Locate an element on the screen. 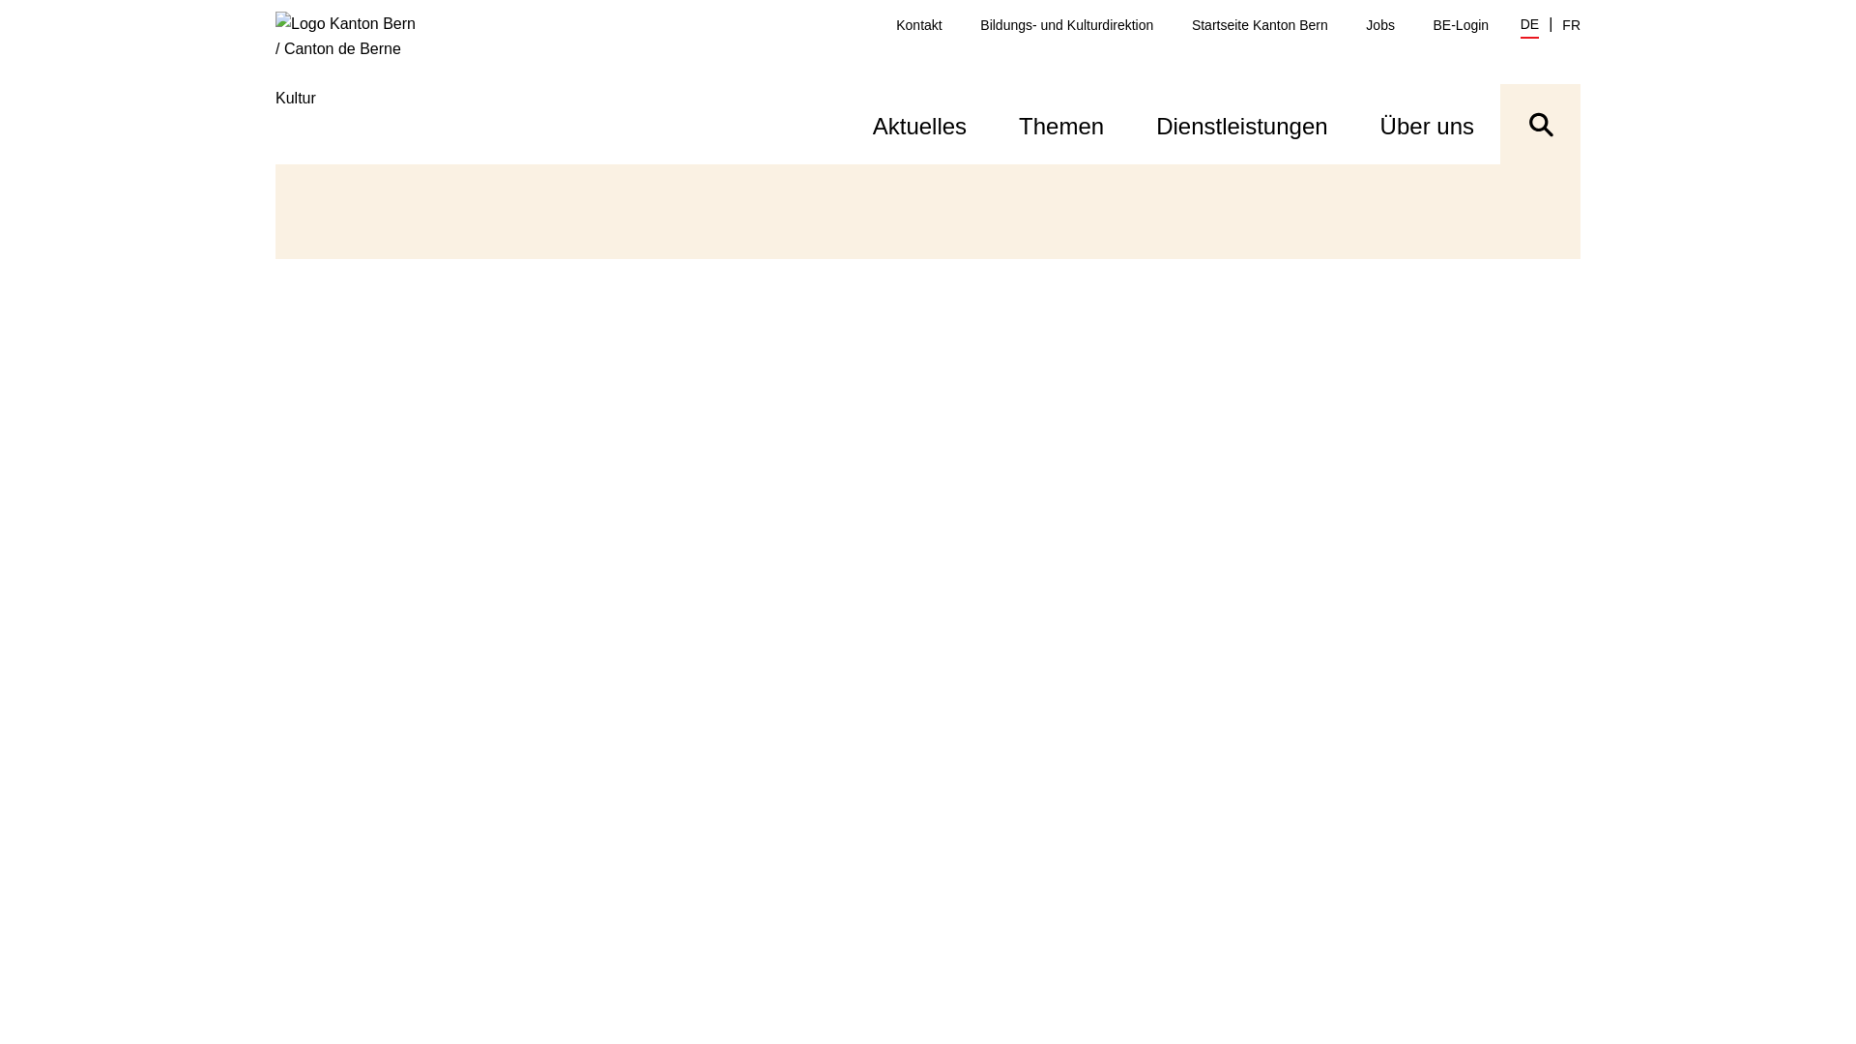 The image size is (1856, 1044). 'Dienstleistungen' is located at coordinates (1130, 124).